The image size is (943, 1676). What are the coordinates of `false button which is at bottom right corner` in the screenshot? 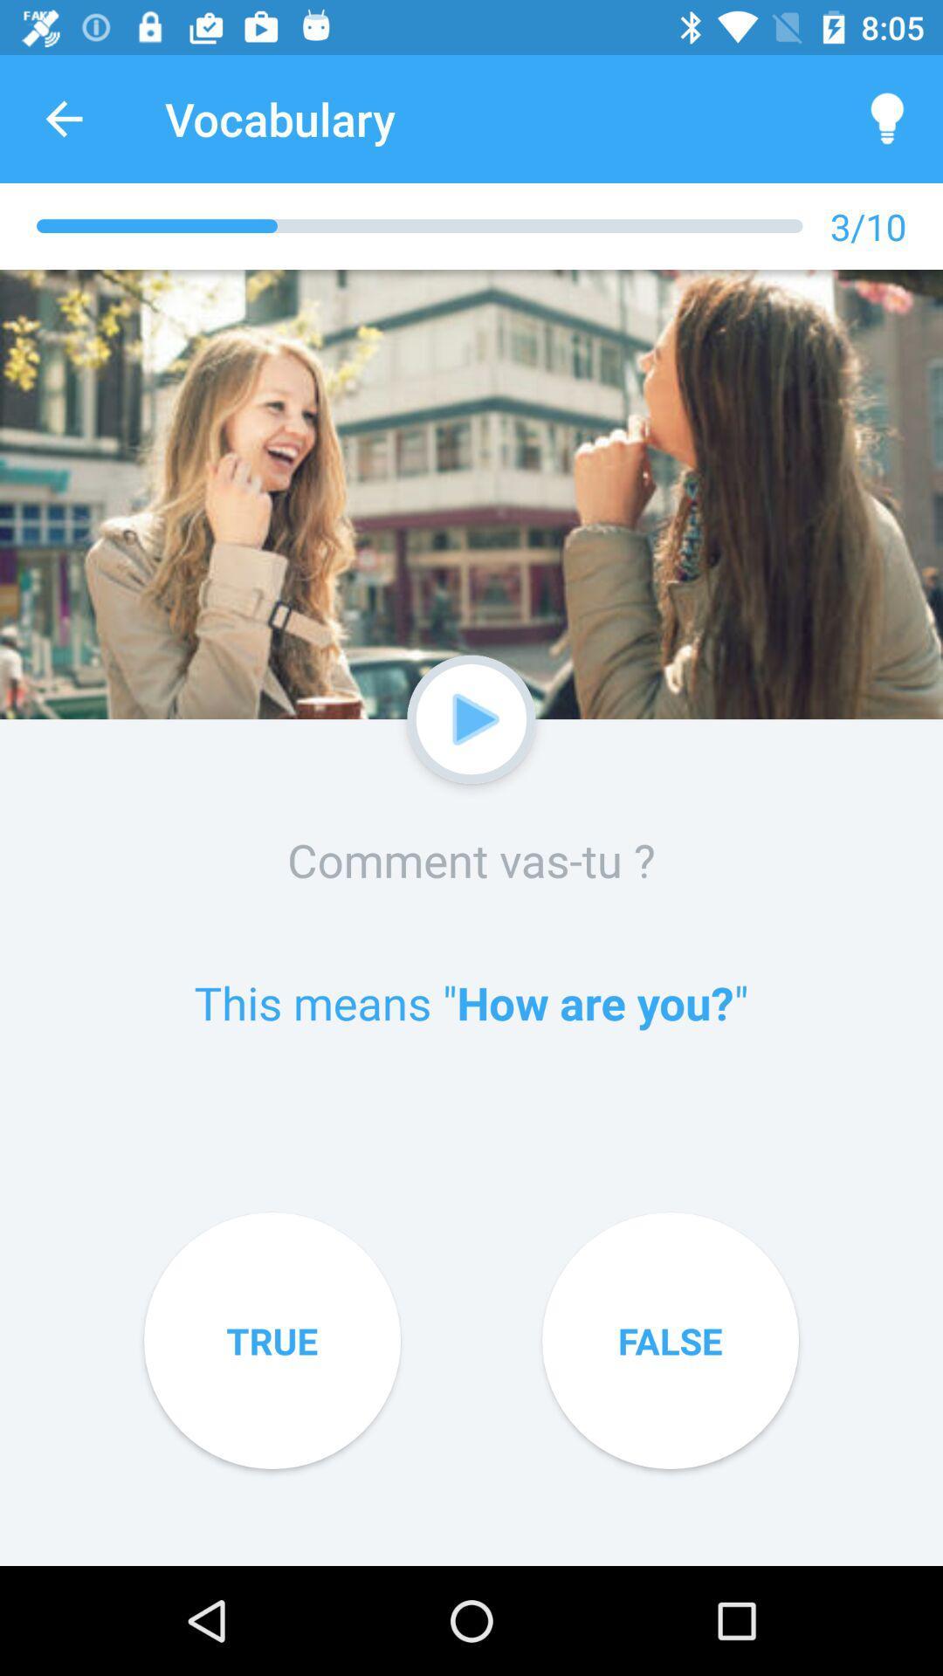 It's located at (669, 1340).